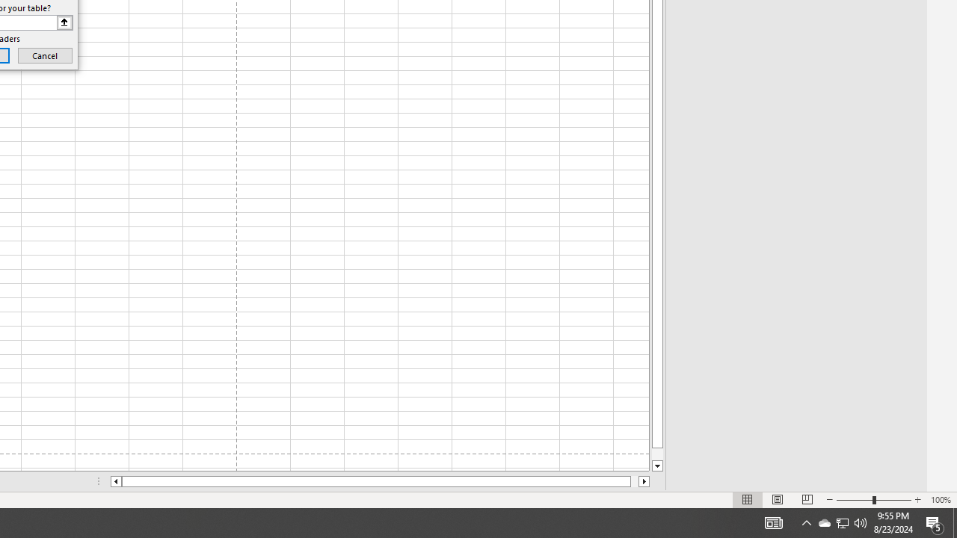 The height and width of the screenshot is (538, 957). Describe the element at coordinates (657, 466) in the screenshot. I see `'Line down'` at that location.